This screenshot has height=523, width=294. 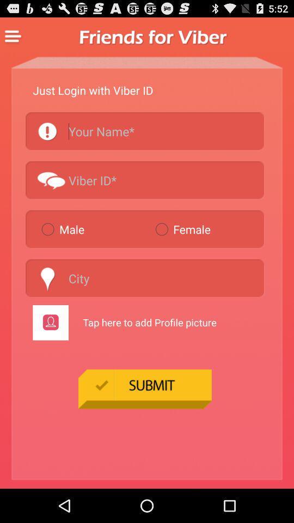 What do you see at coordinates (145, 389) in the screenshot?
I see `the item at the bottom` at bounding box center [145, 389].